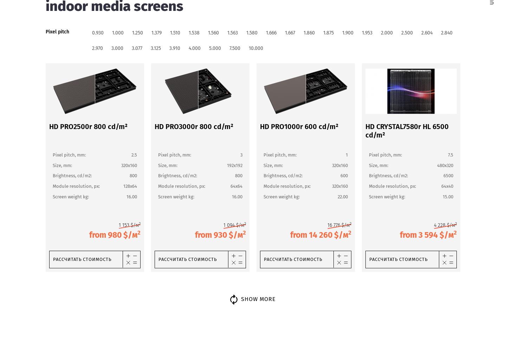 The height and width of the screenshot is (339, 506). I want to click on '16 776 
			            $/м', so click(327, 225).